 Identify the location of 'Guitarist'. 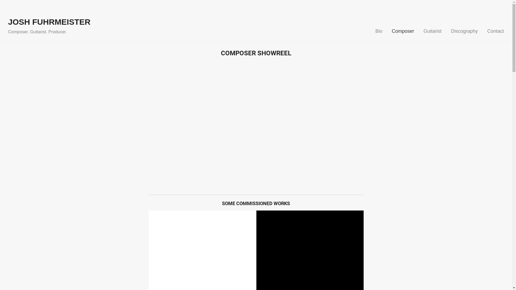
(432, 31).